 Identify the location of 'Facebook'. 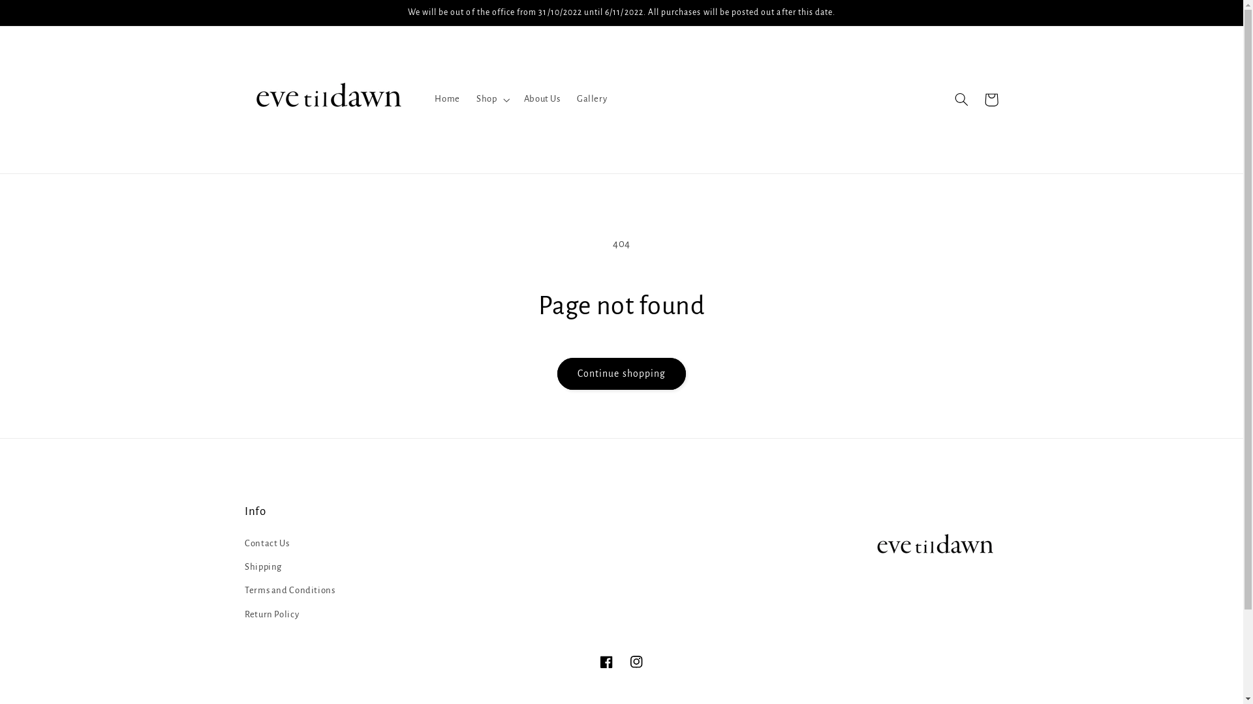
(606, 661).